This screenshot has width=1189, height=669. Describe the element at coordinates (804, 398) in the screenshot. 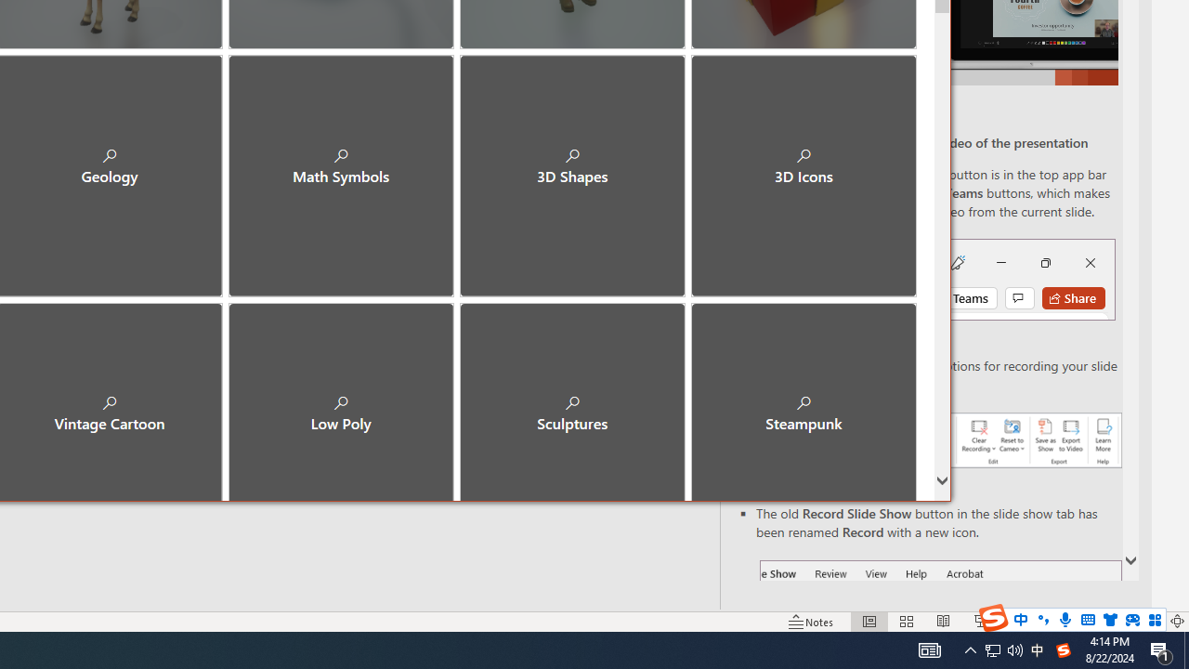

I see `'Steampunk'` at that location.